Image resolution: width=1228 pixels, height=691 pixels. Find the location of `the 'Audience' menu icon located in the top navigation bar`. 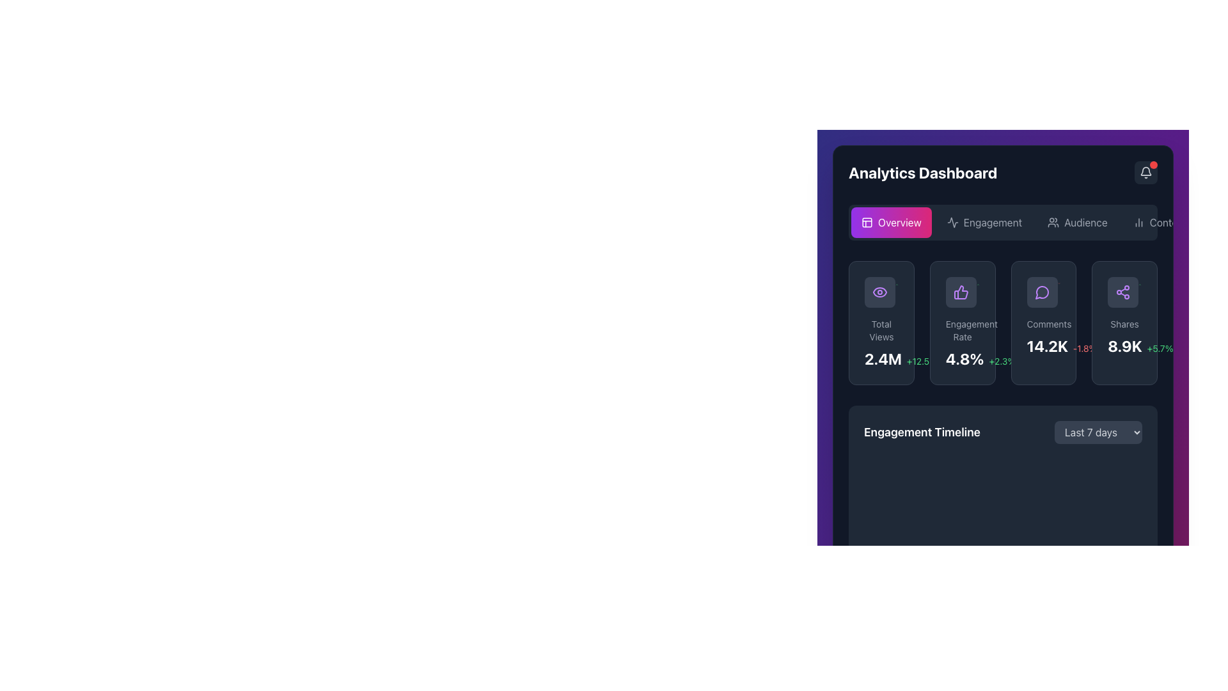

the 'Audience' menu icon located in the top navigation bar is located at coordinates (1053, 221).